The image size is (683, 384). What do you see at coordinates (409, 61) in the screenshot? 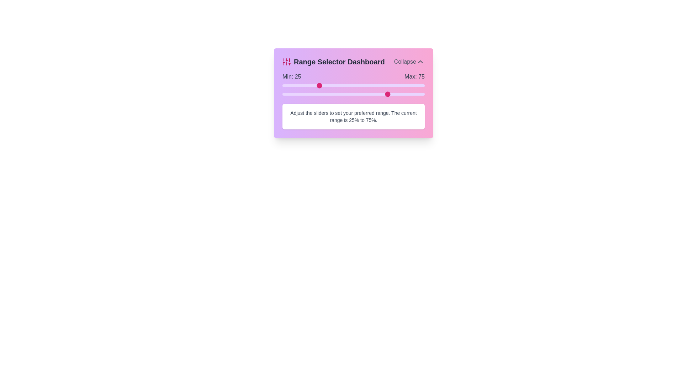
I see `the 'Collapse' button to toggle the panel` at bounding box center [409, 61].